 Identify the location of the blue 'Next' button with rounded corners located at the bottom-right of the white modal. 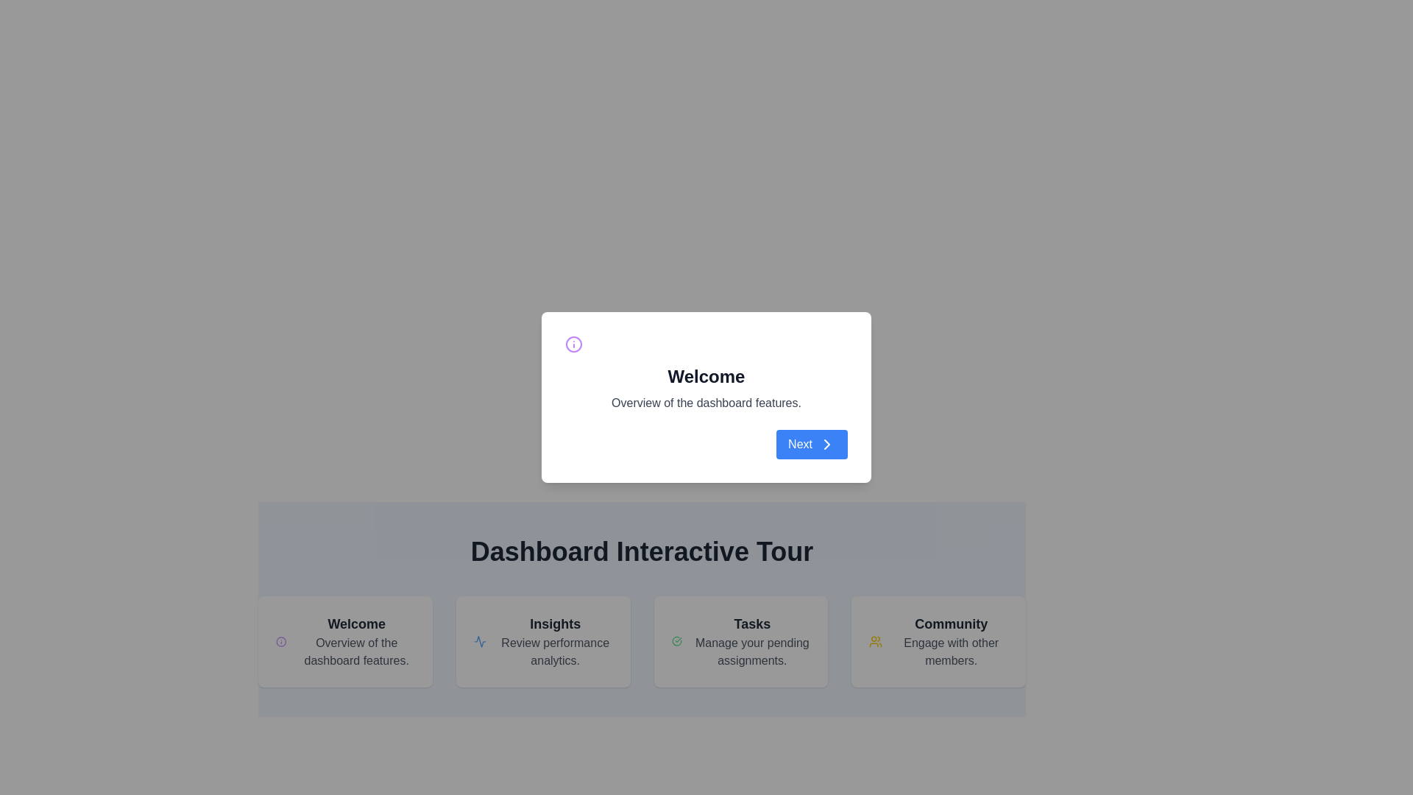
(811, 444).